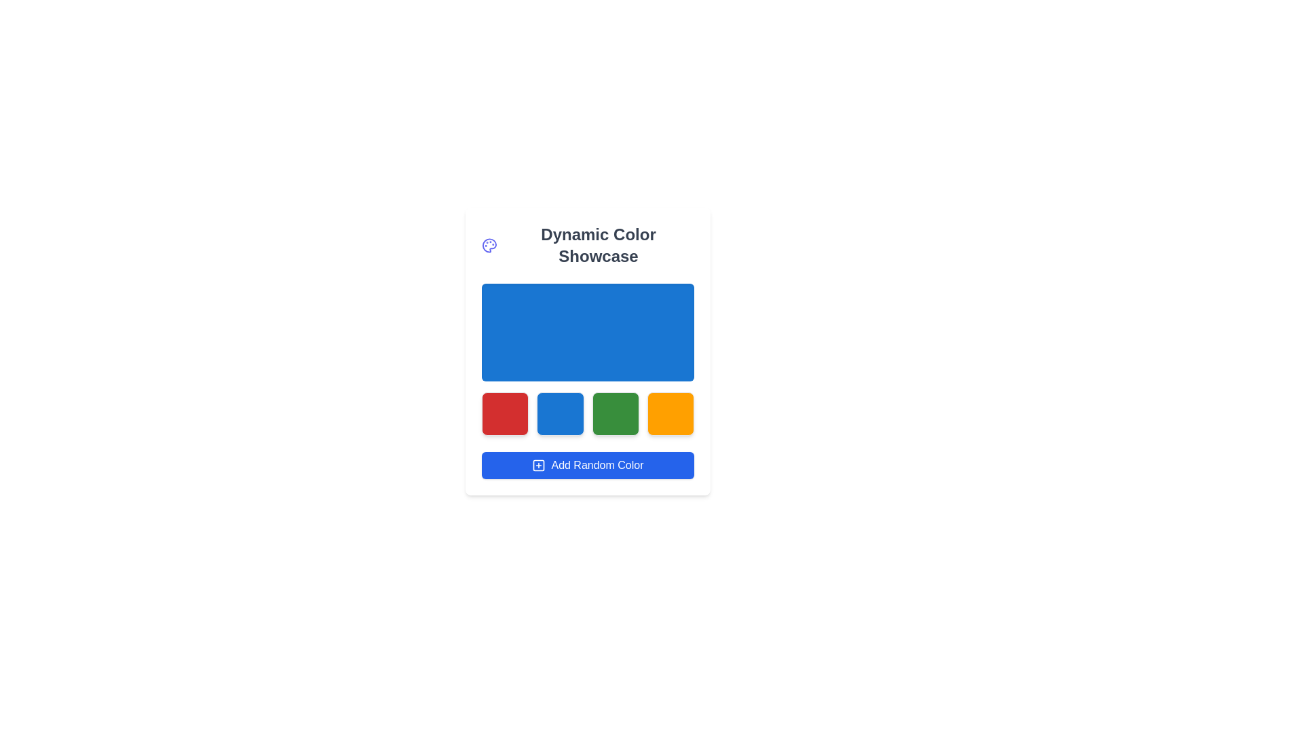 The width and height of the screenshot is (1303, 733). Describe the element at coordinates (538, 465) in the screenshot. I see `the 'add' icon within the blue button labeled 'Add Random Color' located at the bottom of the section` at that location.